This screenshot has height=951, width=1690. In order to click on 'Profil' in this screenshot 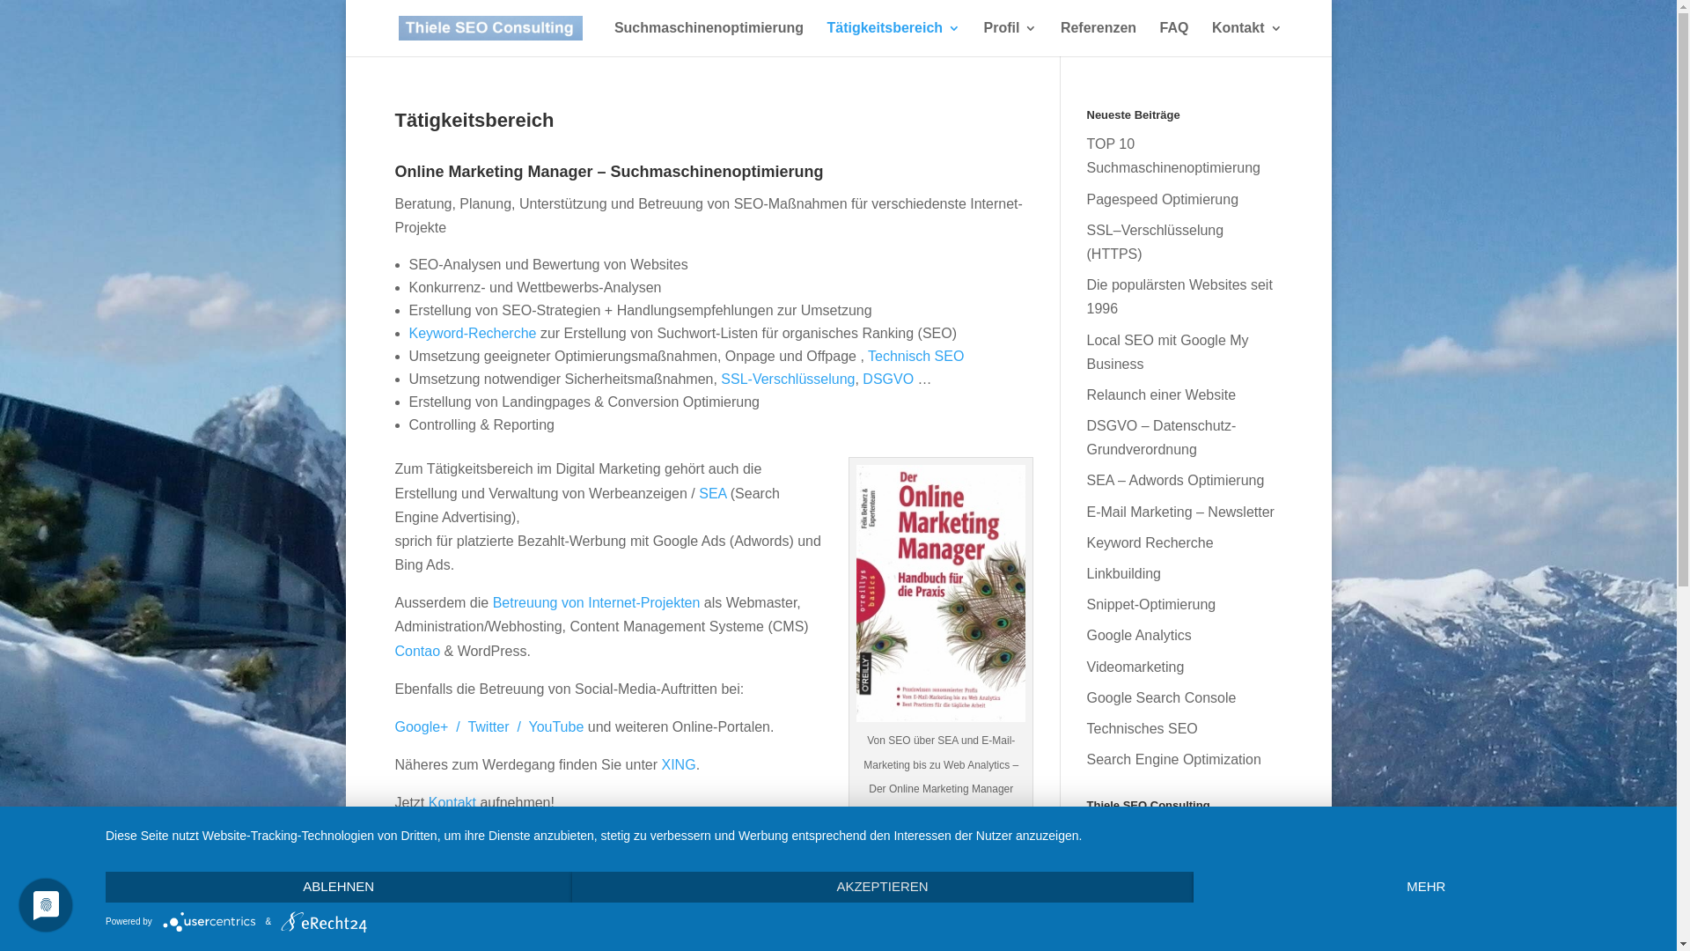, I will do `click(1010, 39)`.